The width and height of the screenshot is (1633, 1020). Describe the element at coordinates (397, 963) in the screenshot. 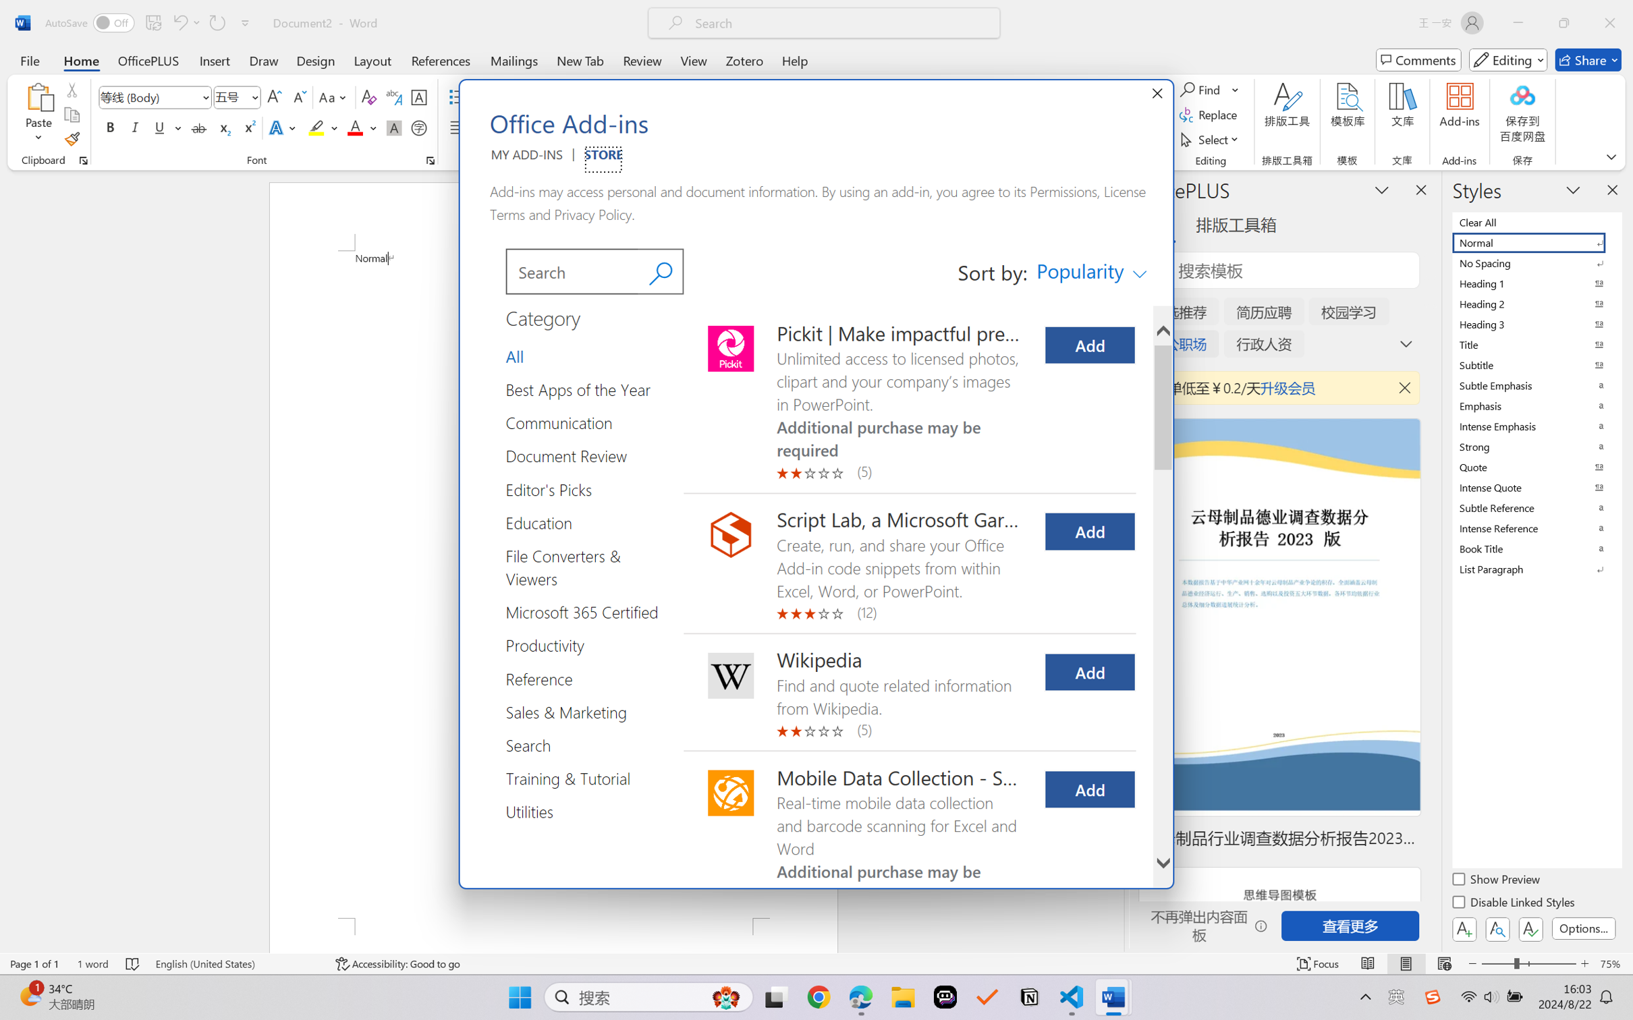

I see `'Accessibility Checker Accessibility: Good to go'` at that location.